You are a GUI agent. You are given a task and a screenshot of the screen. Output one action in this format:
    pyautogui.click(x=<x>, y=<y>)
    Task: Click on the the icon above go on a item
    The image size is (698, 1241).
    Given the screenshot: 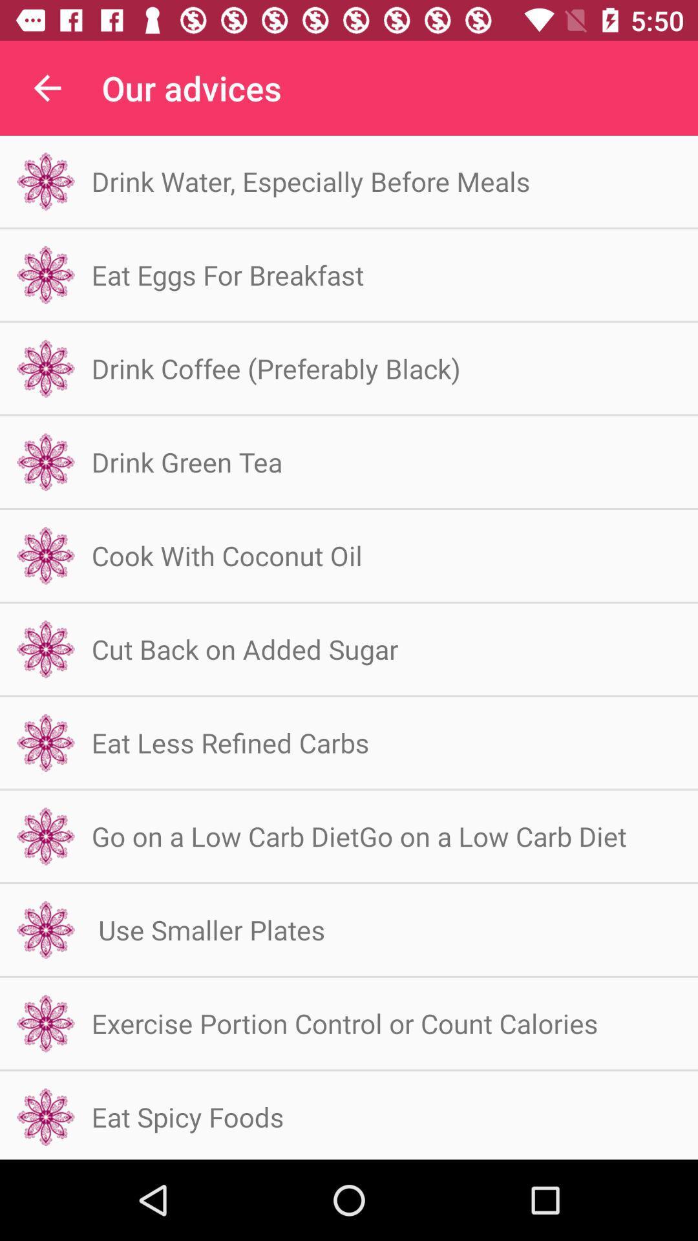 What is the action you would take?
    pyautogui.click(x=229, y=742)
    